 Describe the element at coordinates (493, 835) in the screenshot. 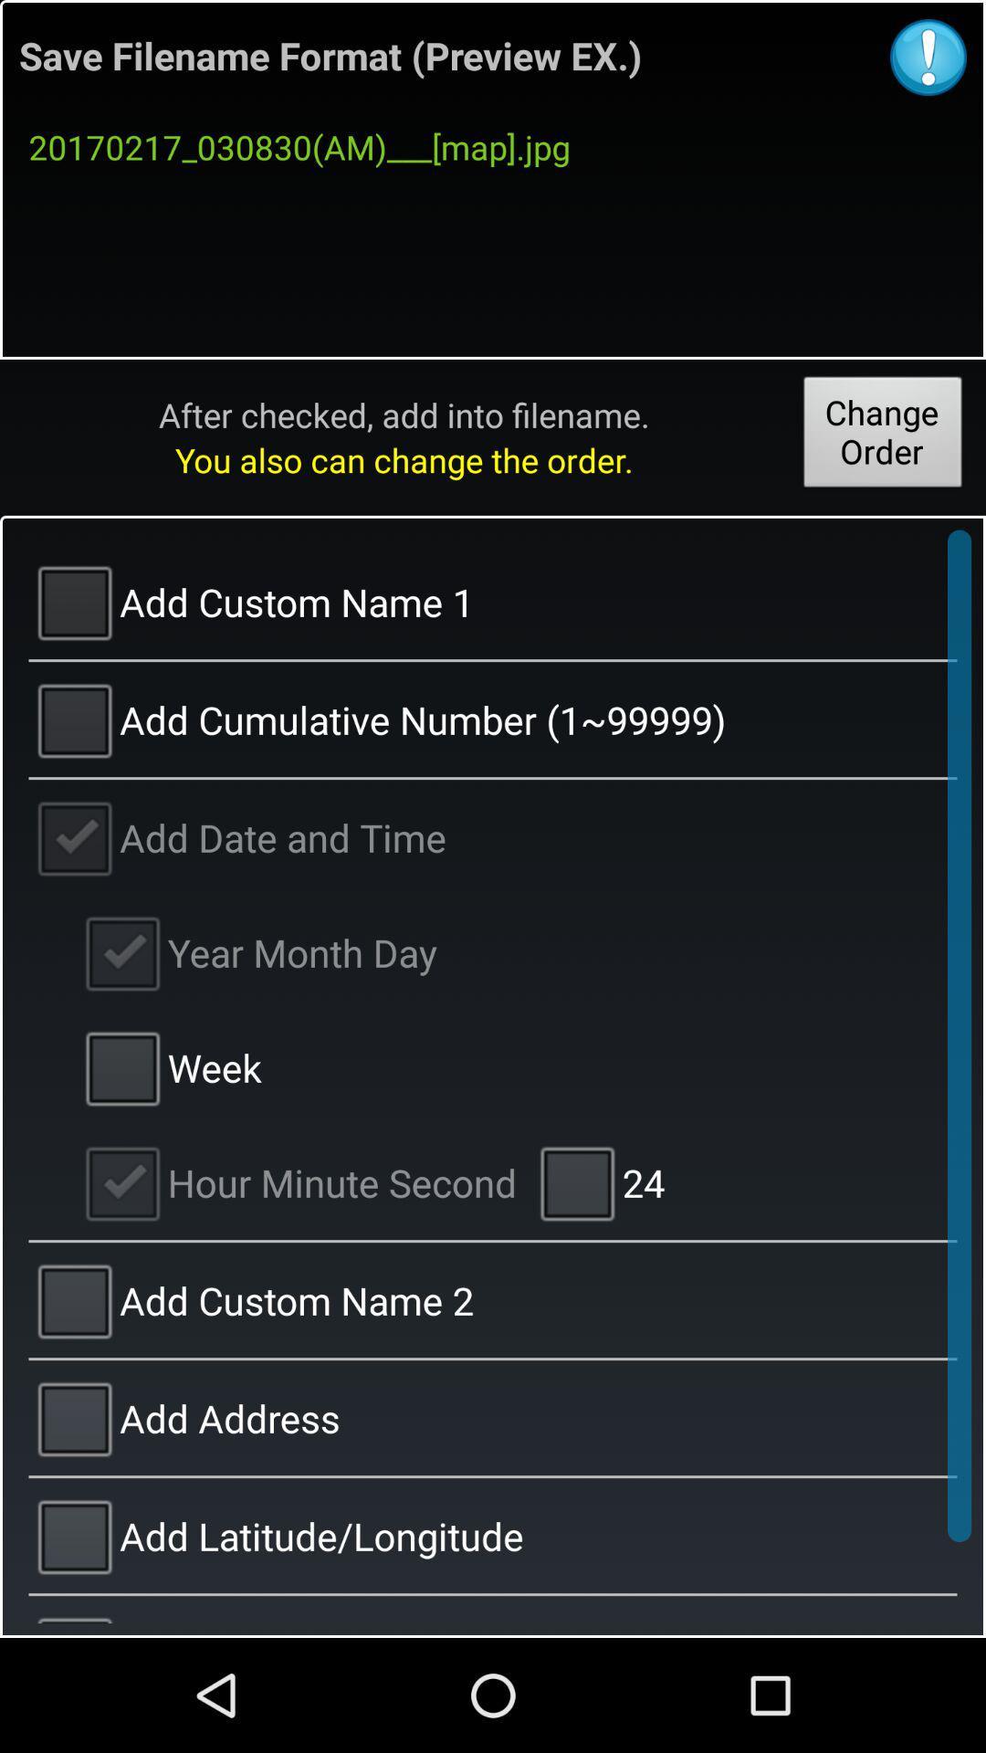

I see `the category which is immediately above year month day` at that location.